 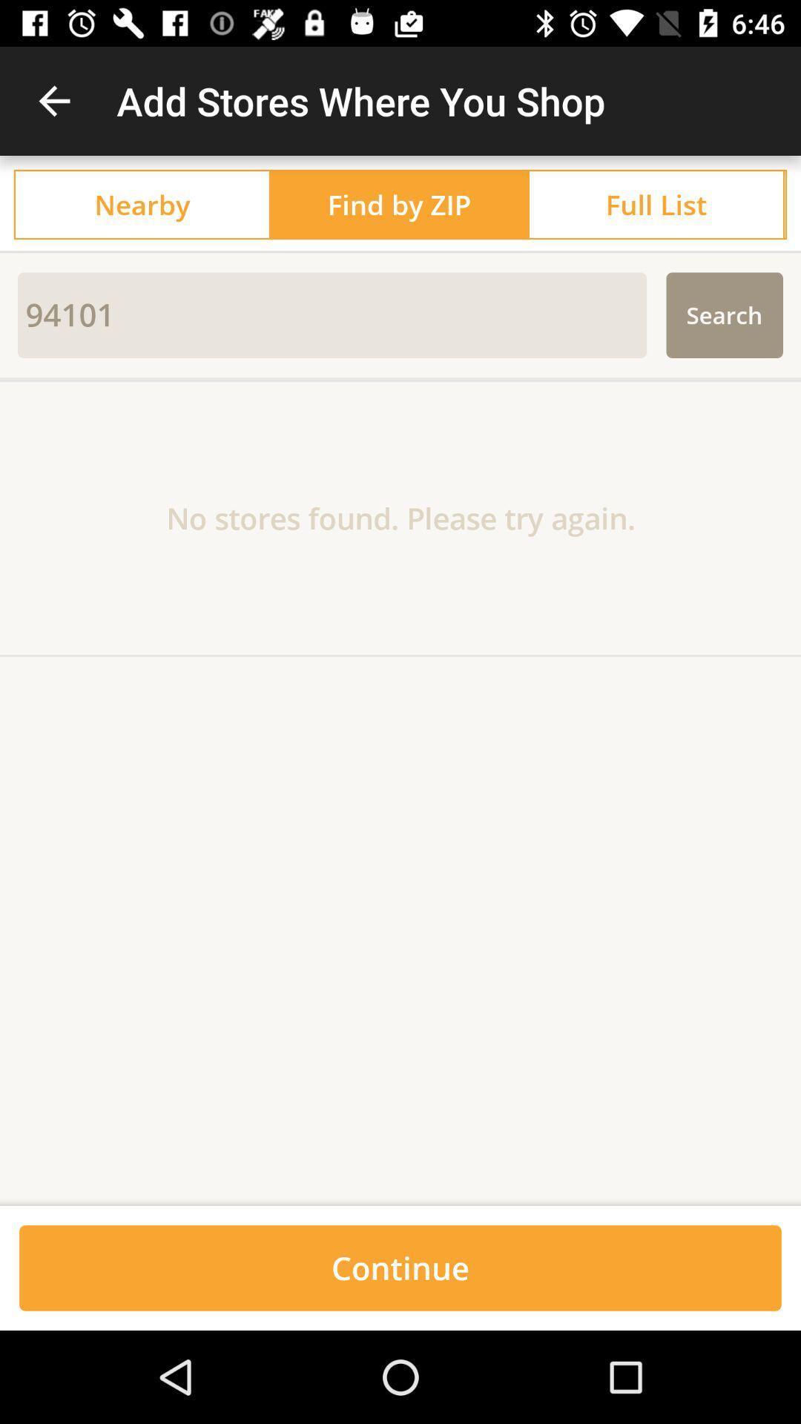 I want to click on the no stores found, so click(x=400, y=518).